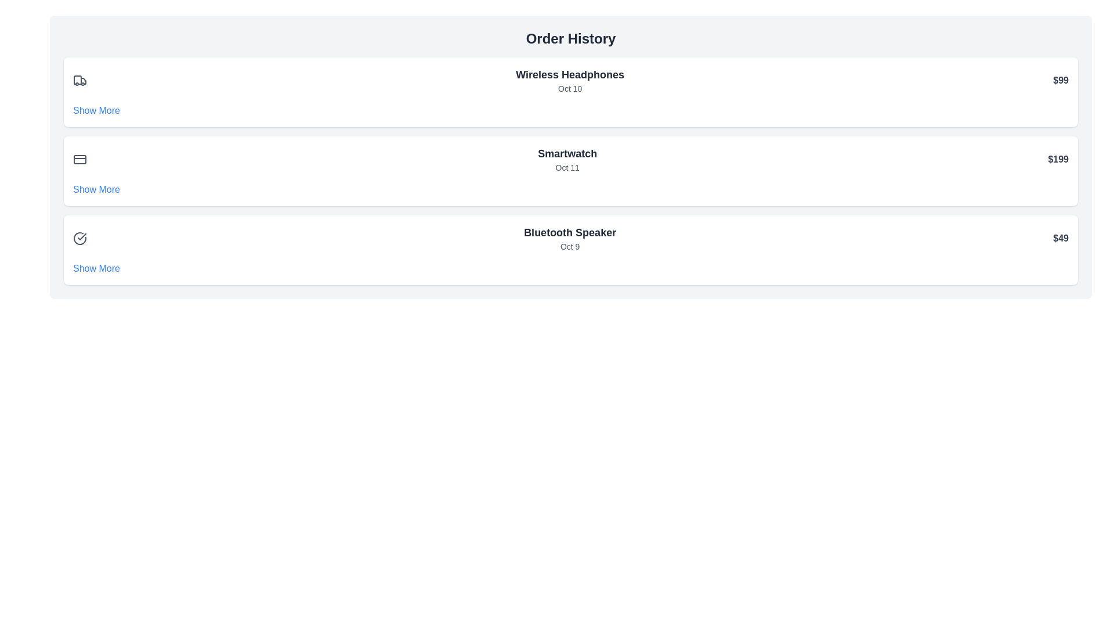 The image size is (1114, 627). I want to click on the 'Wireless Headphones' text element, which is a bold, large heading styled in dark gray, prominently displayed as the topmost item in the 'Order History' section, so click(570, 74).